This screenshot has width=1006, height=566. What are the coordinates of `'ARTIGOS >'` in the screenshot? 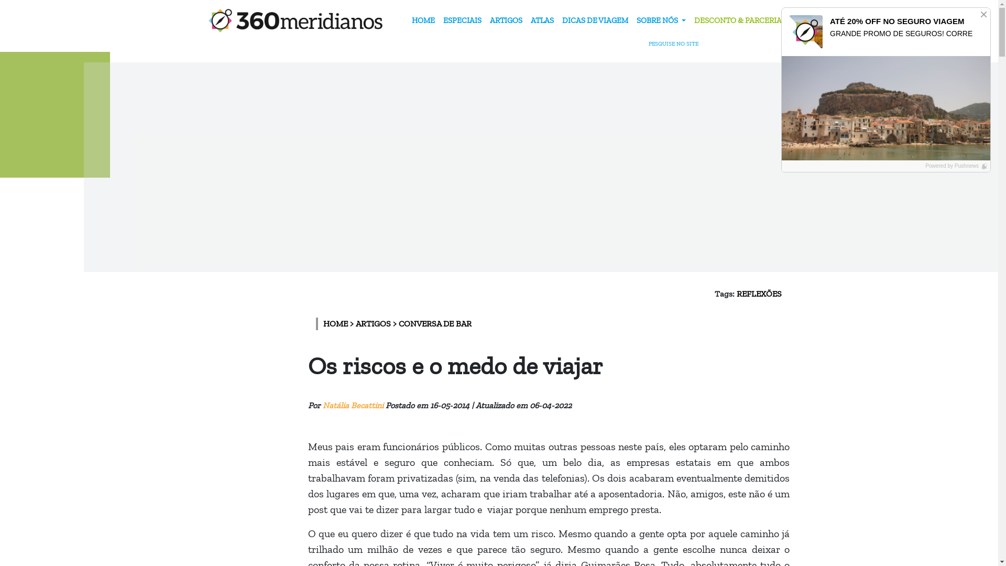 It's located at (377, 323).